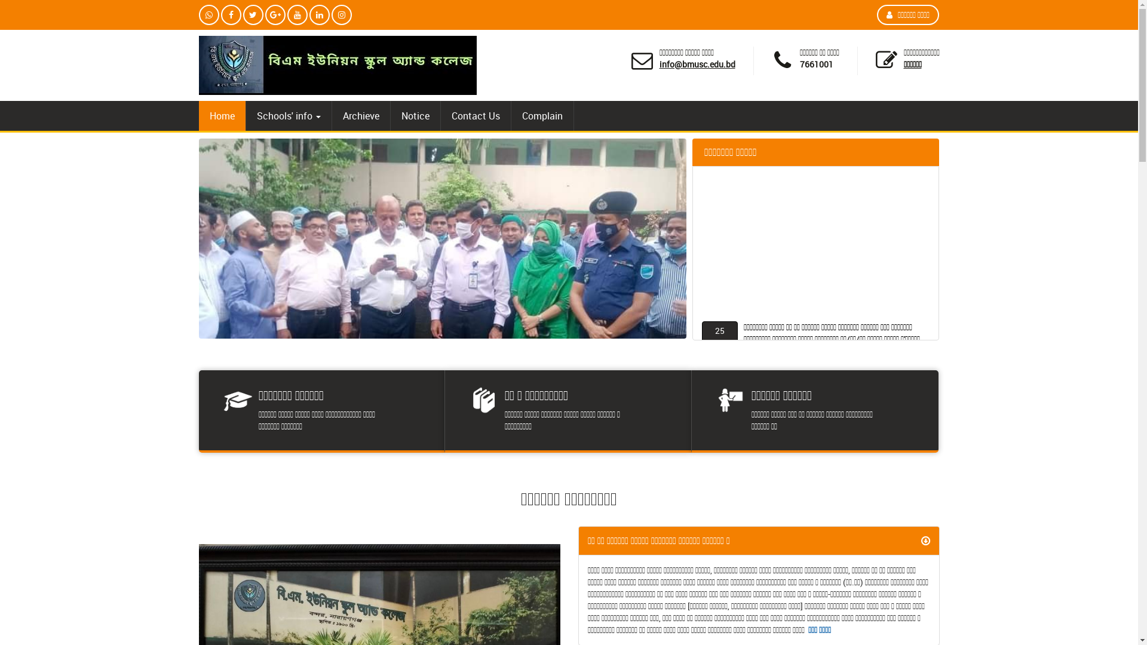 The width and height of the screenshot is (1147, 645). I want to click on 'Schools' info', so click(289, 115).